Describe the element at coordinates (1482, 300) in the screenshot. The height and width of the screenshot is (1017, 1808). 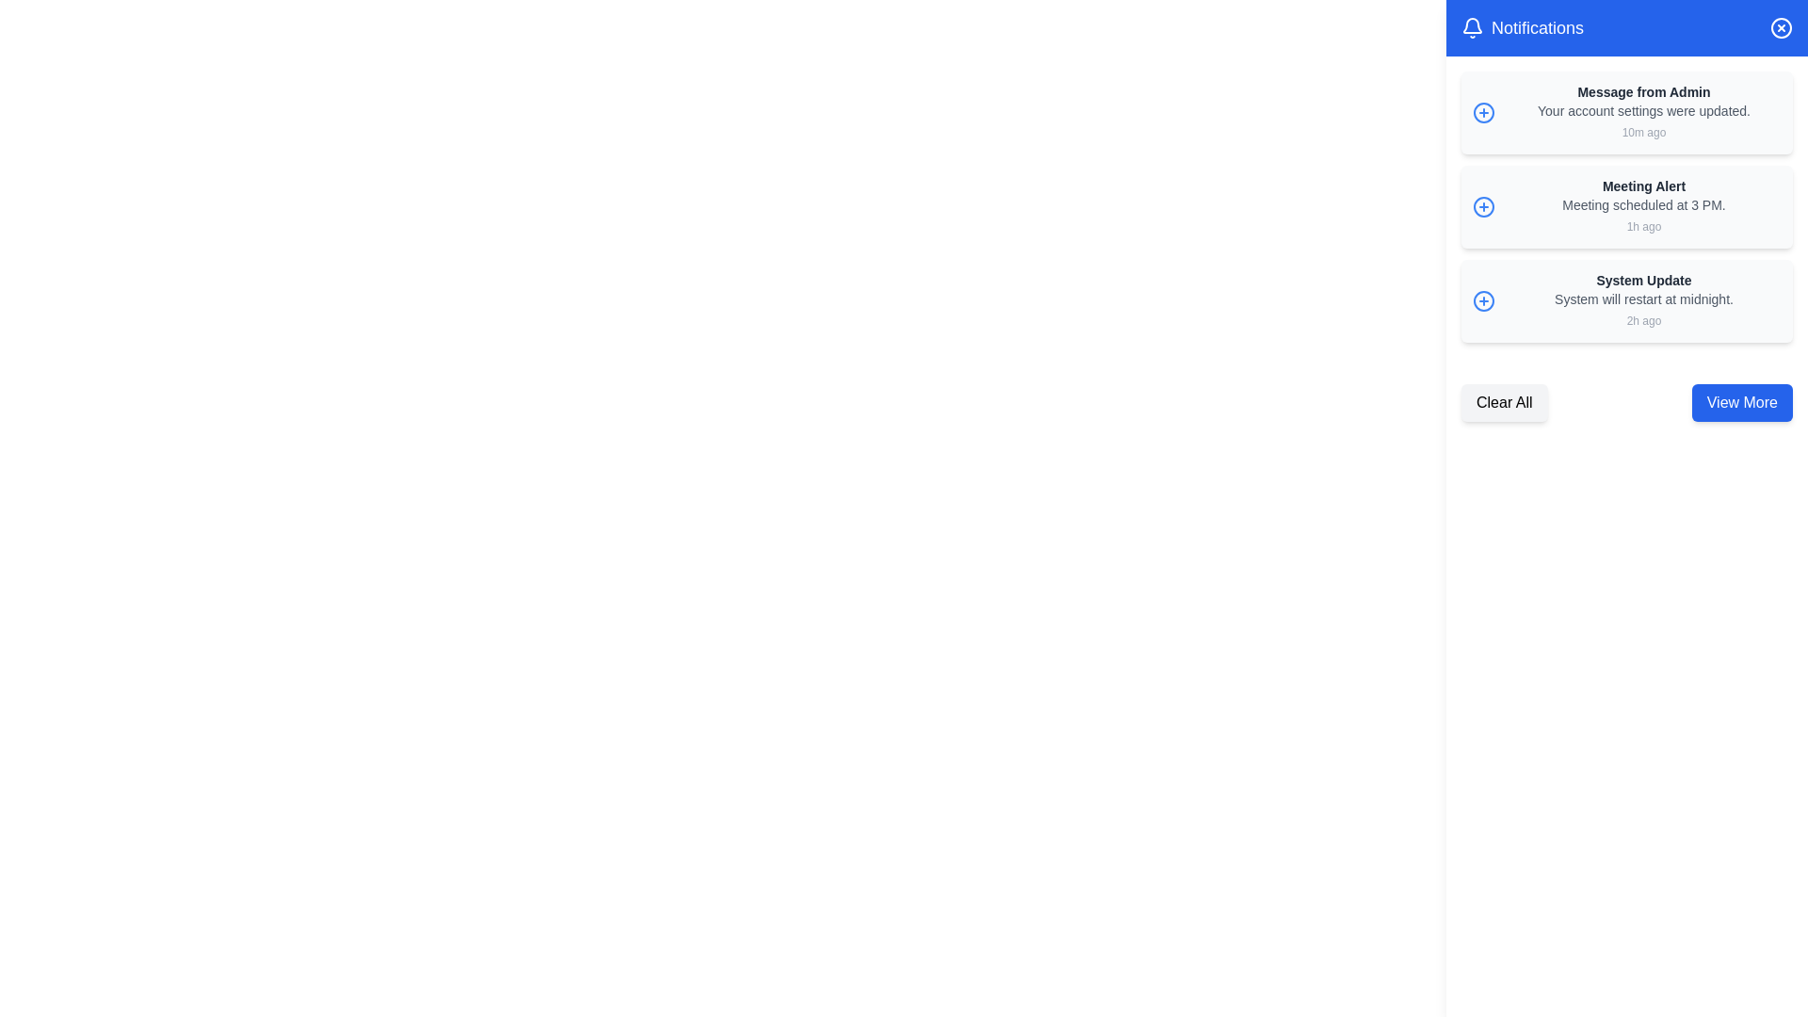
I see `the circular part of the plus icon in the third notification item in the sidebar, which has a blue outline and no fill` at that location.